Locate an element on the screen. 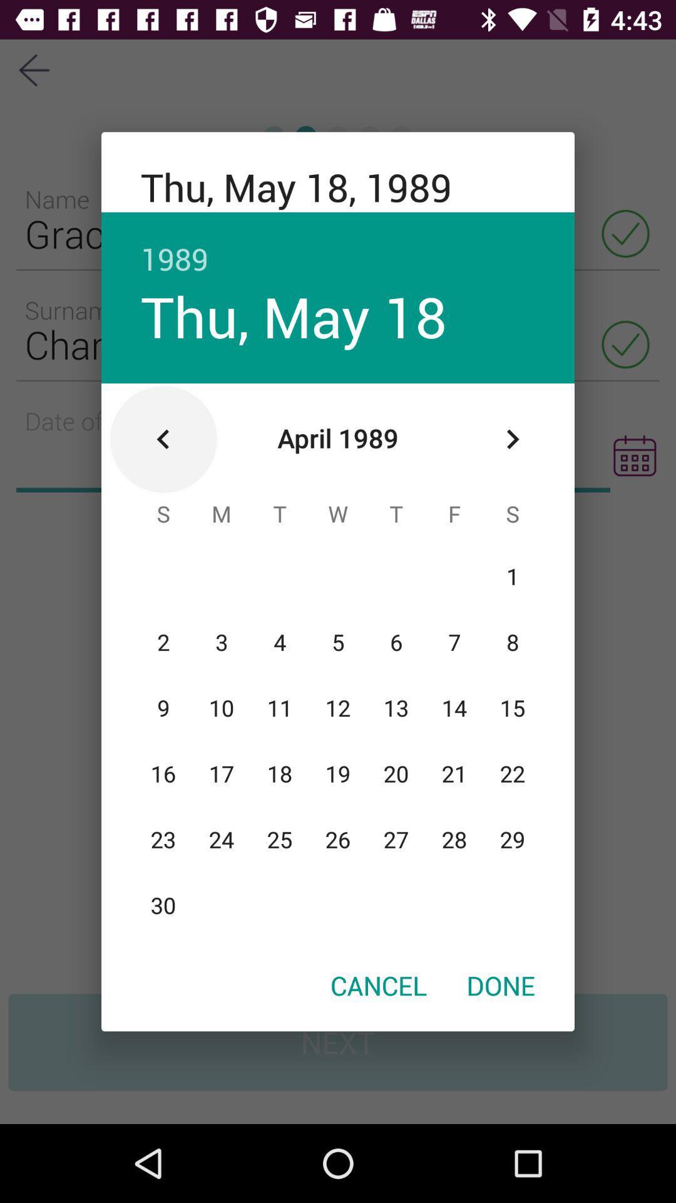  the item on the left is located at coordinates (163, 439).